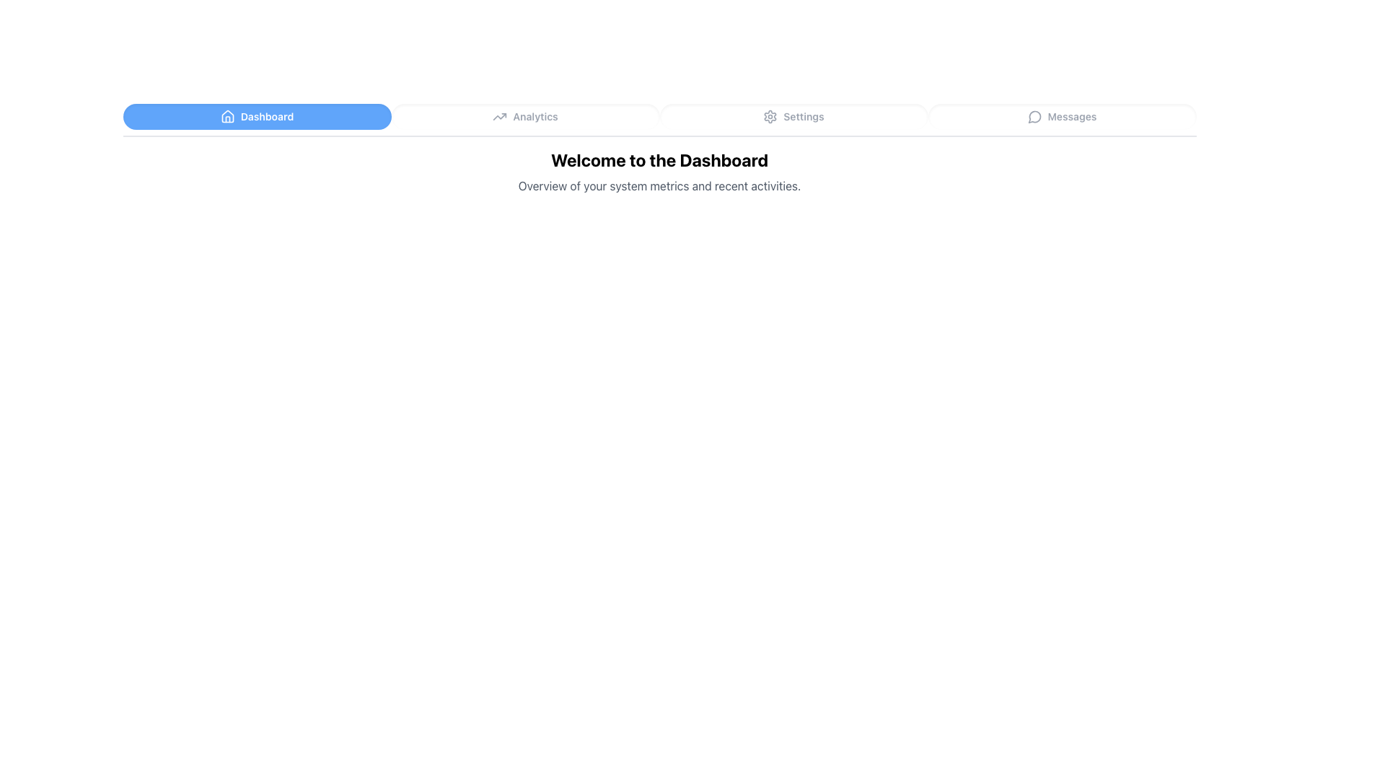  What do you see at coordinates (1072, 116) in the screenshot?
I see `the meaning of the 'Messages' label, which is a small, bold, gray text located` at bounding box center [1072, 116].